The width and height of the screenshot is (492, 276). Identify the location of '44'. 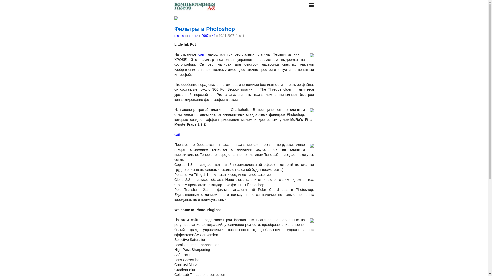
(213, 35).